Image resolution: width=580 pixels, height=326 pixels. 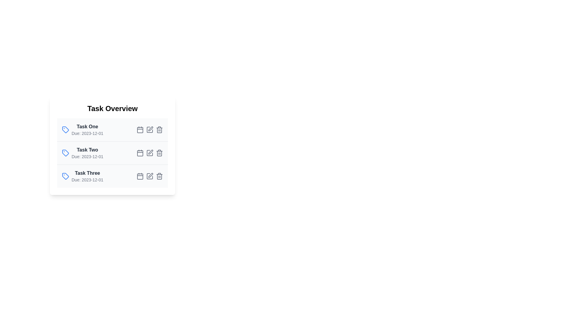 What do you see at coordinates (87, 129) in the screenshot?
I see `text displayed on the first task item titled 'Task One' with due date 'Due: 2023-12-01' in the task list` at bounding box center [87, 129].